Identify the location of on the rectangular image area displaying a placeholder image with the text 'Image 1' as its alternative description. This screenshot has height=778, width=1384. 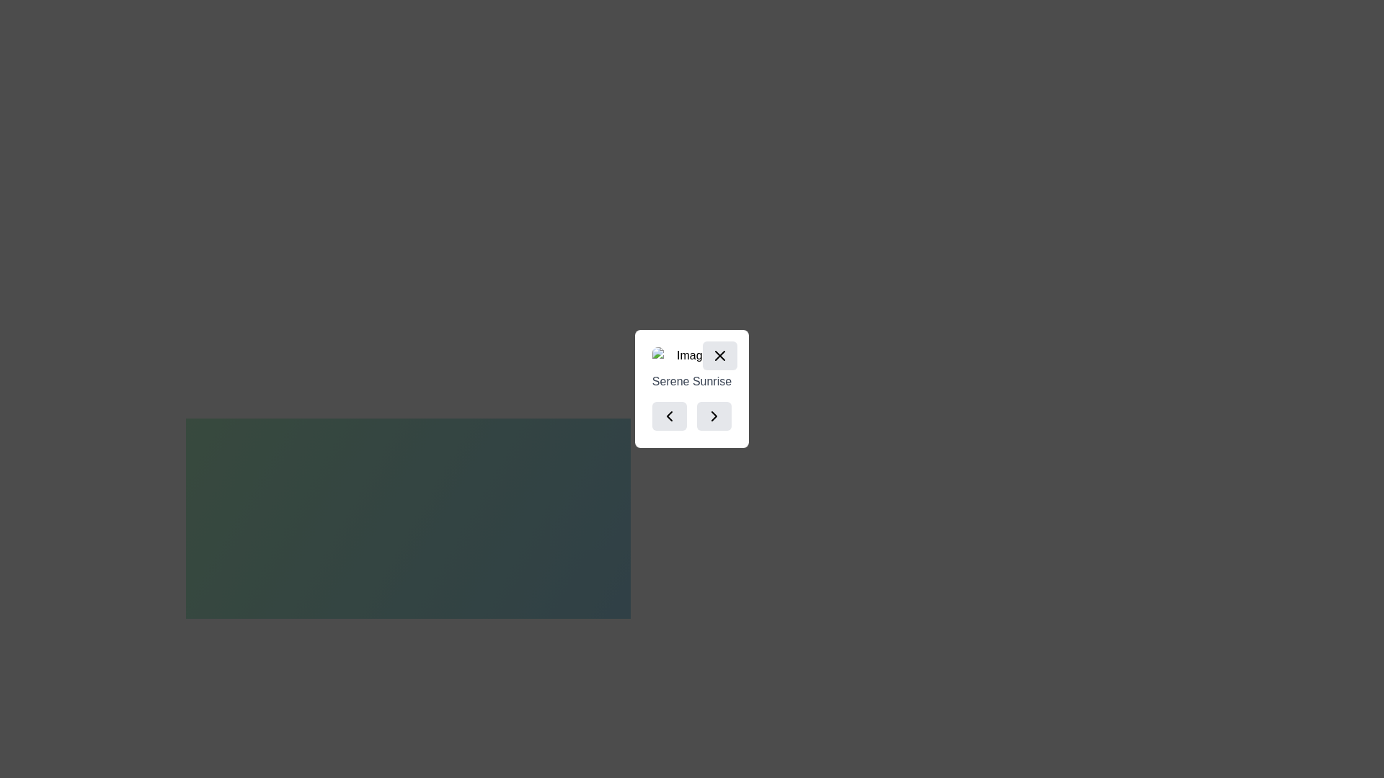
(692, 355).